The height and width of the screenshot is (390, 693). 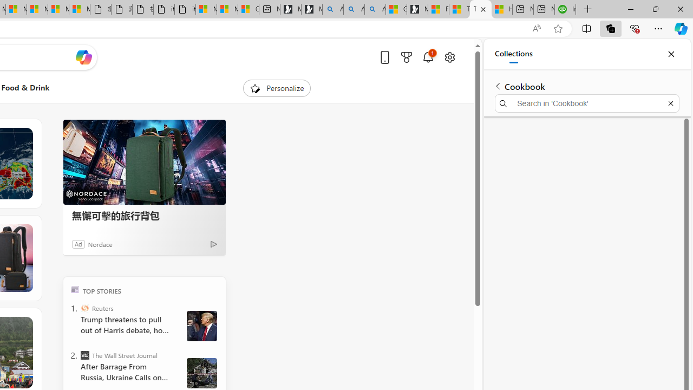 What do you see at coordinates (74, 289) in the screenshot?
I see `'TOP'` at bounding box center [74, 289].